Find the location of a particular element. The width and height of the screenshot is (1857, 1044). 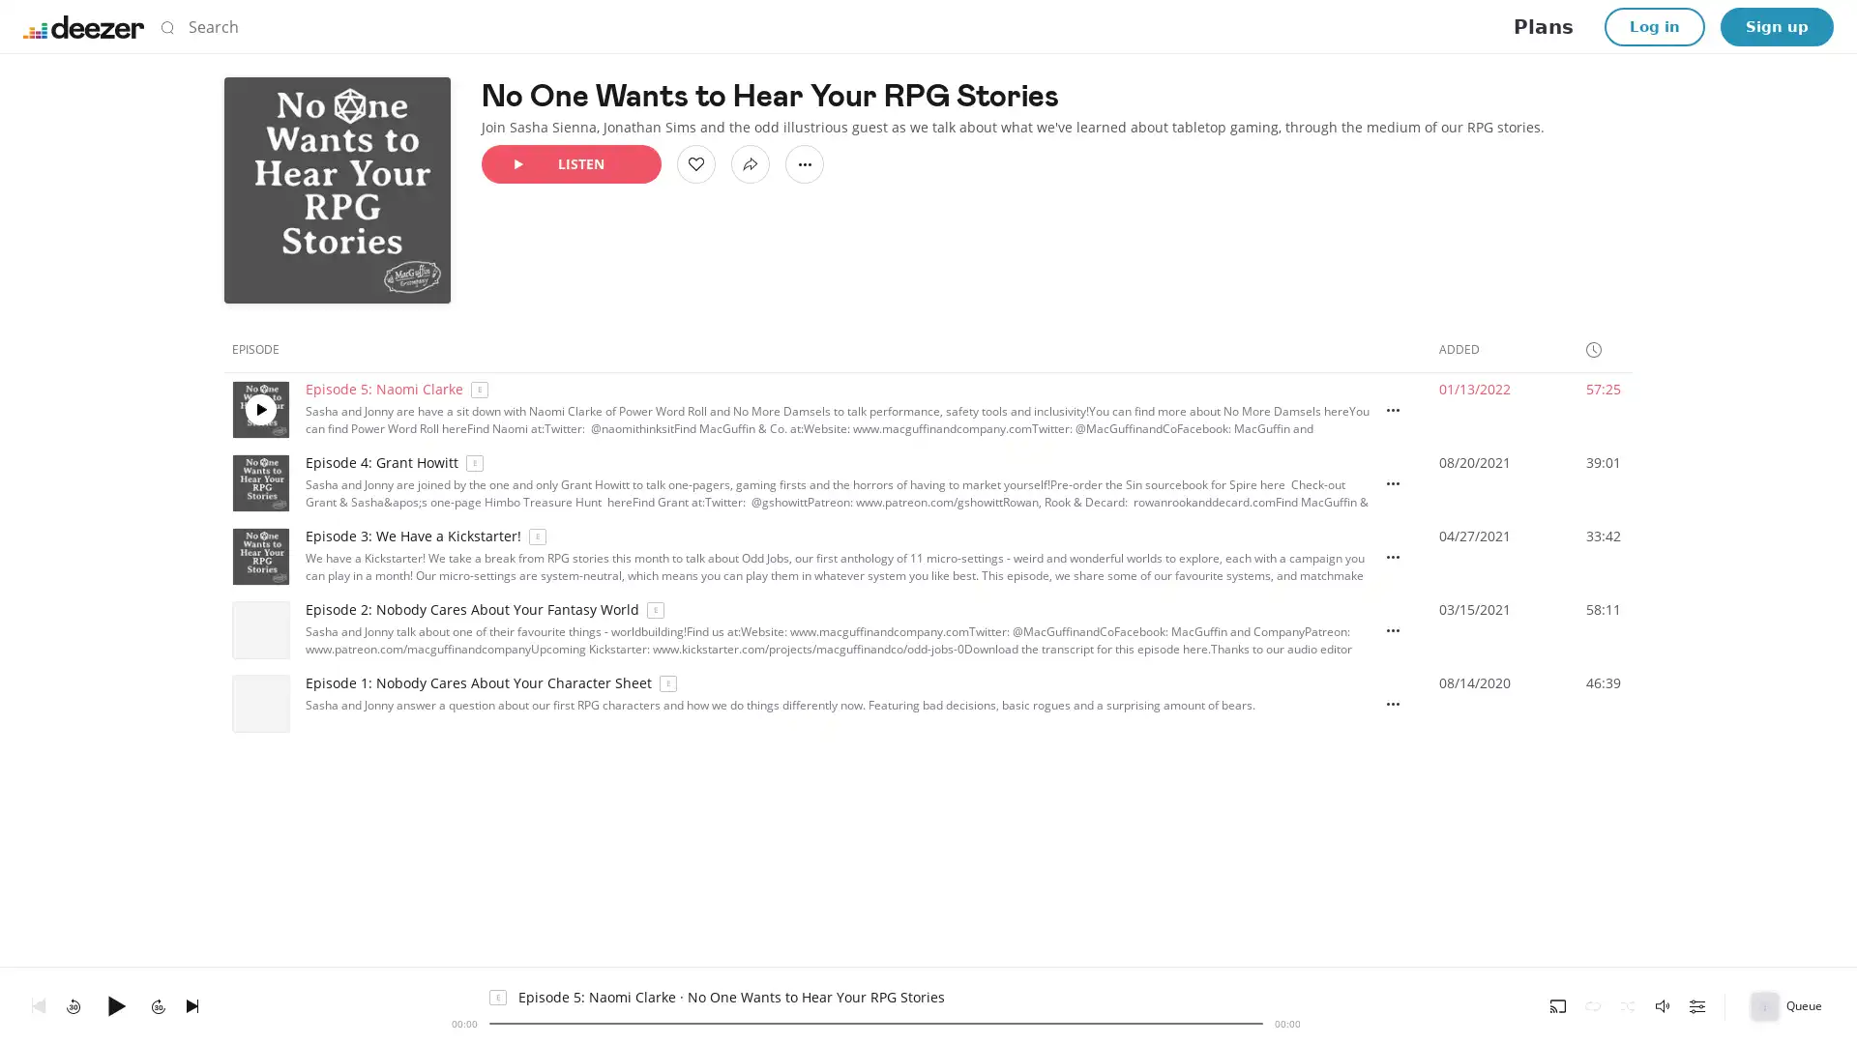

Play Episode 2: Nobody Cares About Your Fantasy World by No One Wants to Hear Your RPG Stories is located at coordinates (259, 629).